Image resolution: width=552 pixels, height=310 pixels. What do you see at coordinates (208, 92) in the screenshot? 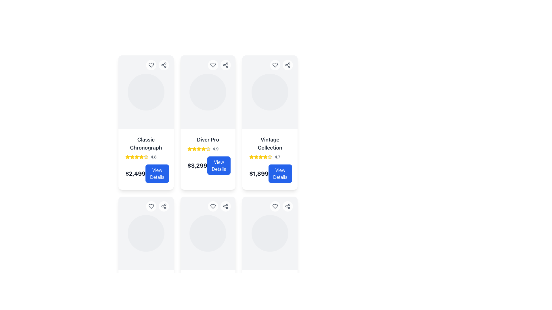
I see `the visual placeholder within the 'Diver Pro' card, located at the center of the upper segment` at bounding box center [208, 92].